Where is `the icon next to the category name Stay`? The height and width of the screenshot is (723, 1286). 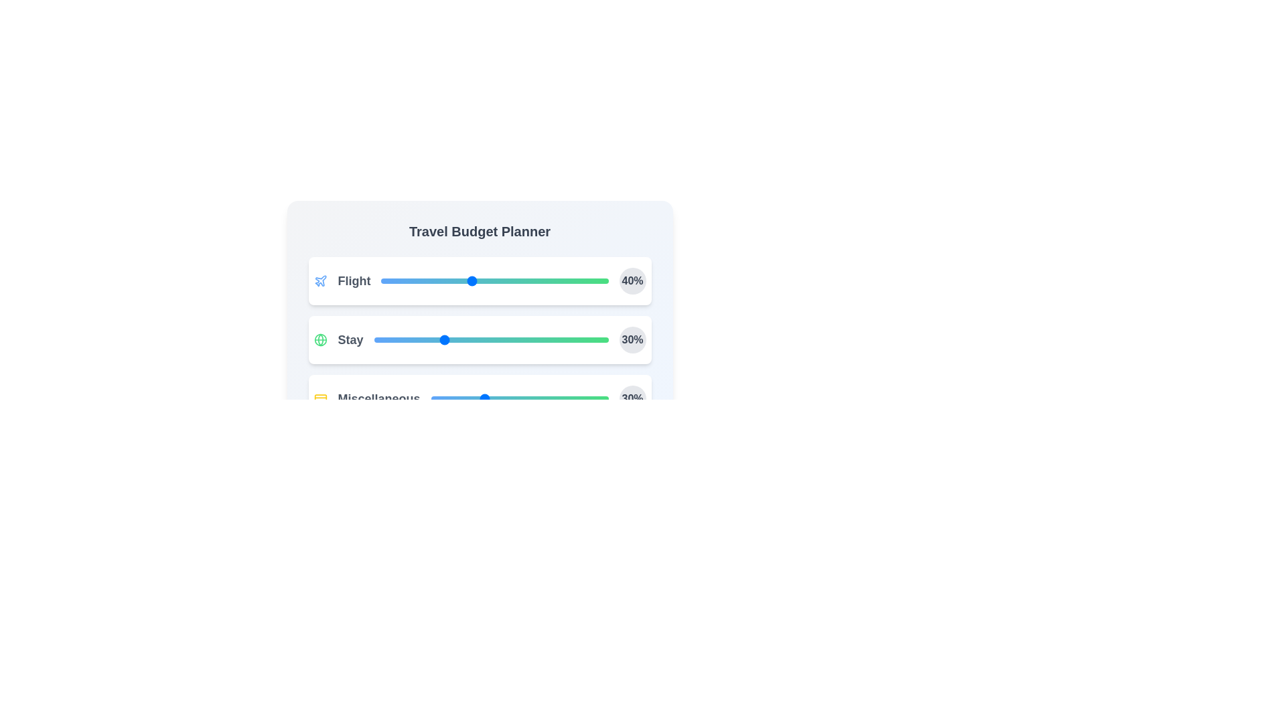 the icon next to the category name Stay is located at coordinates (319, 339).